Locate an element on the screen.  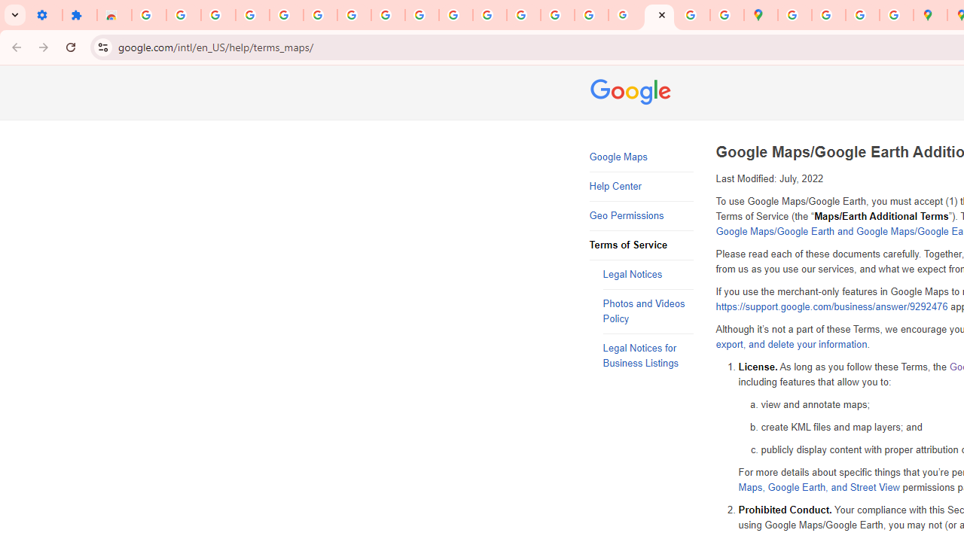
'Legal Notices for Business Listings' is located at coordinates (648, 356).